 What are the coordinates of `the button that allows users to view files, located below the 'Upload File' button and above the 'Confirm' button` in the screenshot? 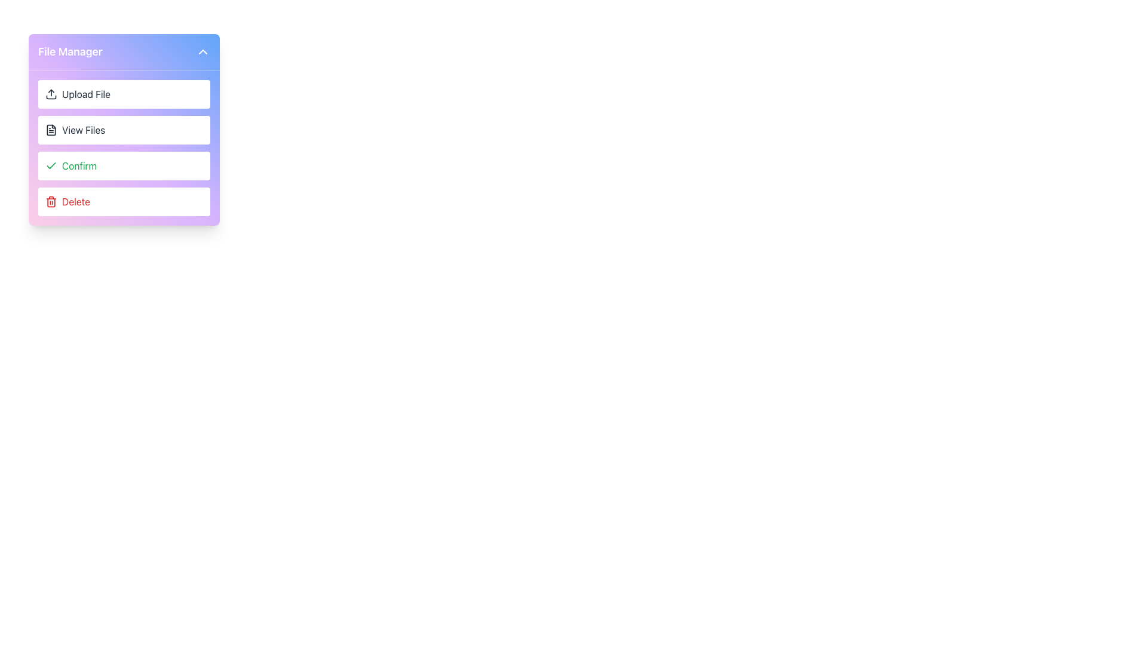 It's located at (124, 130).